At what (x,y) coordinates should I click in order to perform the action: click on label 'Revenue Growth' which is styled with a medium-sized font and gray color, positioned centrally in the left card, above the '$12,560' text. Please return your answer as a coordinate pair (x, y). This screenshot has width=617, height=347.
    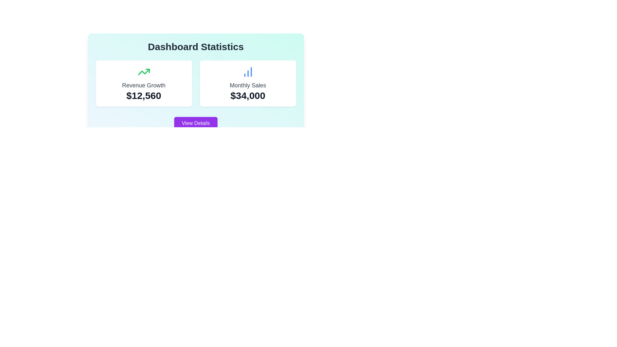
    Looking at the image, I should click on (143, 85).